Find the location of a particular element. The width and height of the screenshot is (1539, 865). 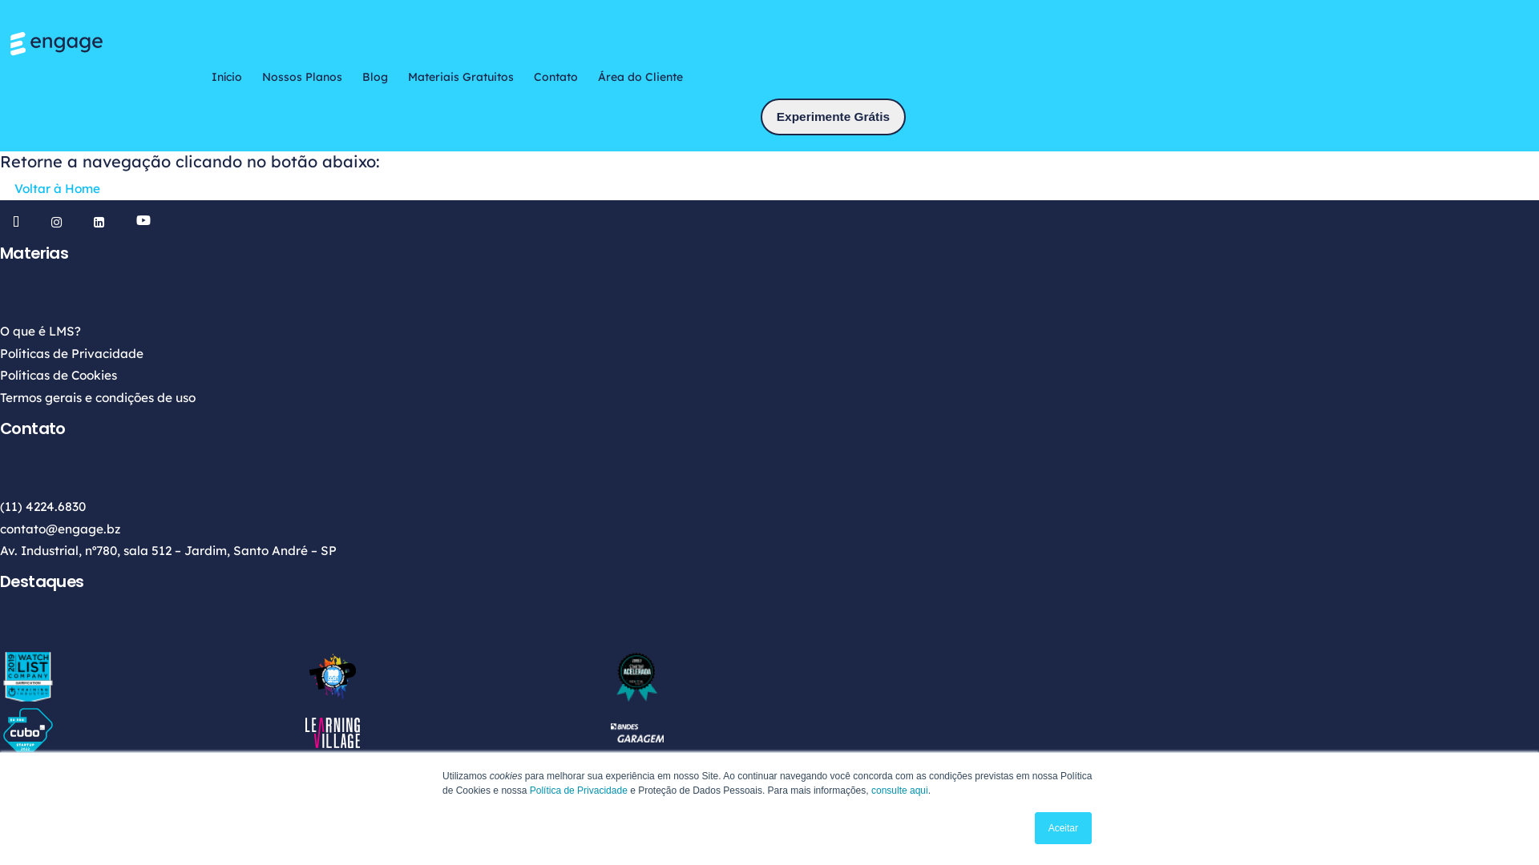

'Blog' is located at coordinates (361, 77).